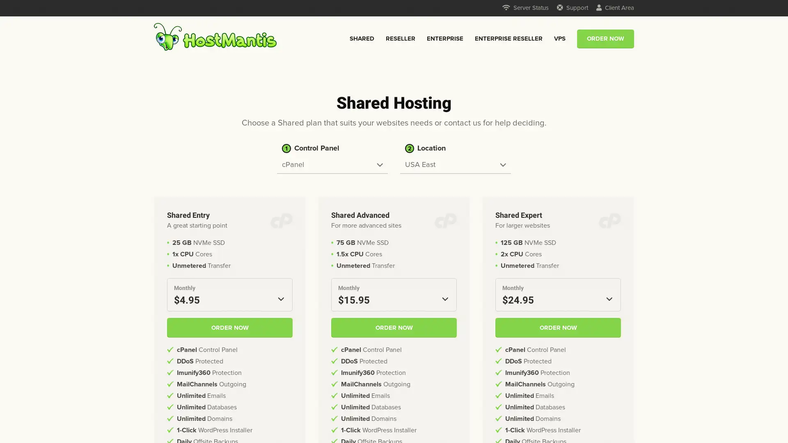  What do you see at coordinates (558, 294) in the screenshot?
I see `Monthly $24.95` at bounding box center [558, 294].